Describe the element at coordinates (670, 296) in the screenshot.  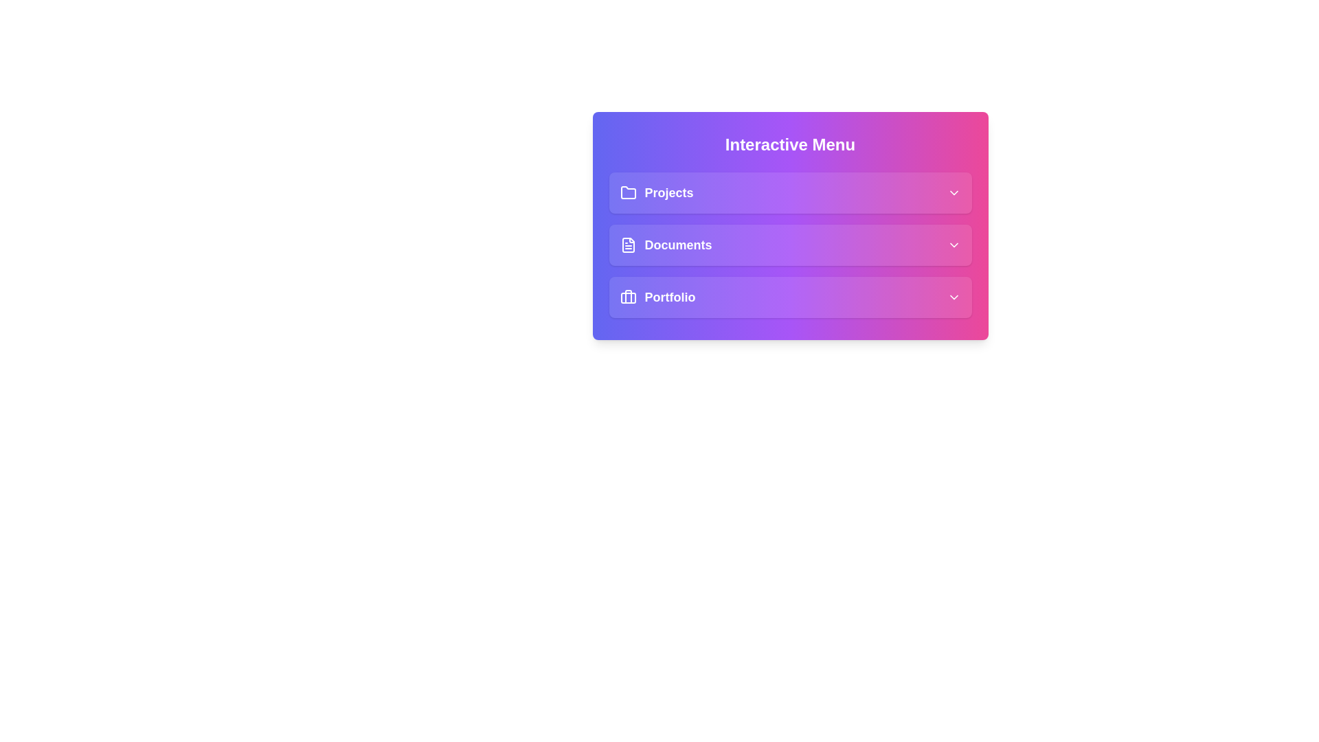
I see `the 'Portfolio' label located at the bottom of the menu list, directly below 'Projects' and 'Documents'` at that location.